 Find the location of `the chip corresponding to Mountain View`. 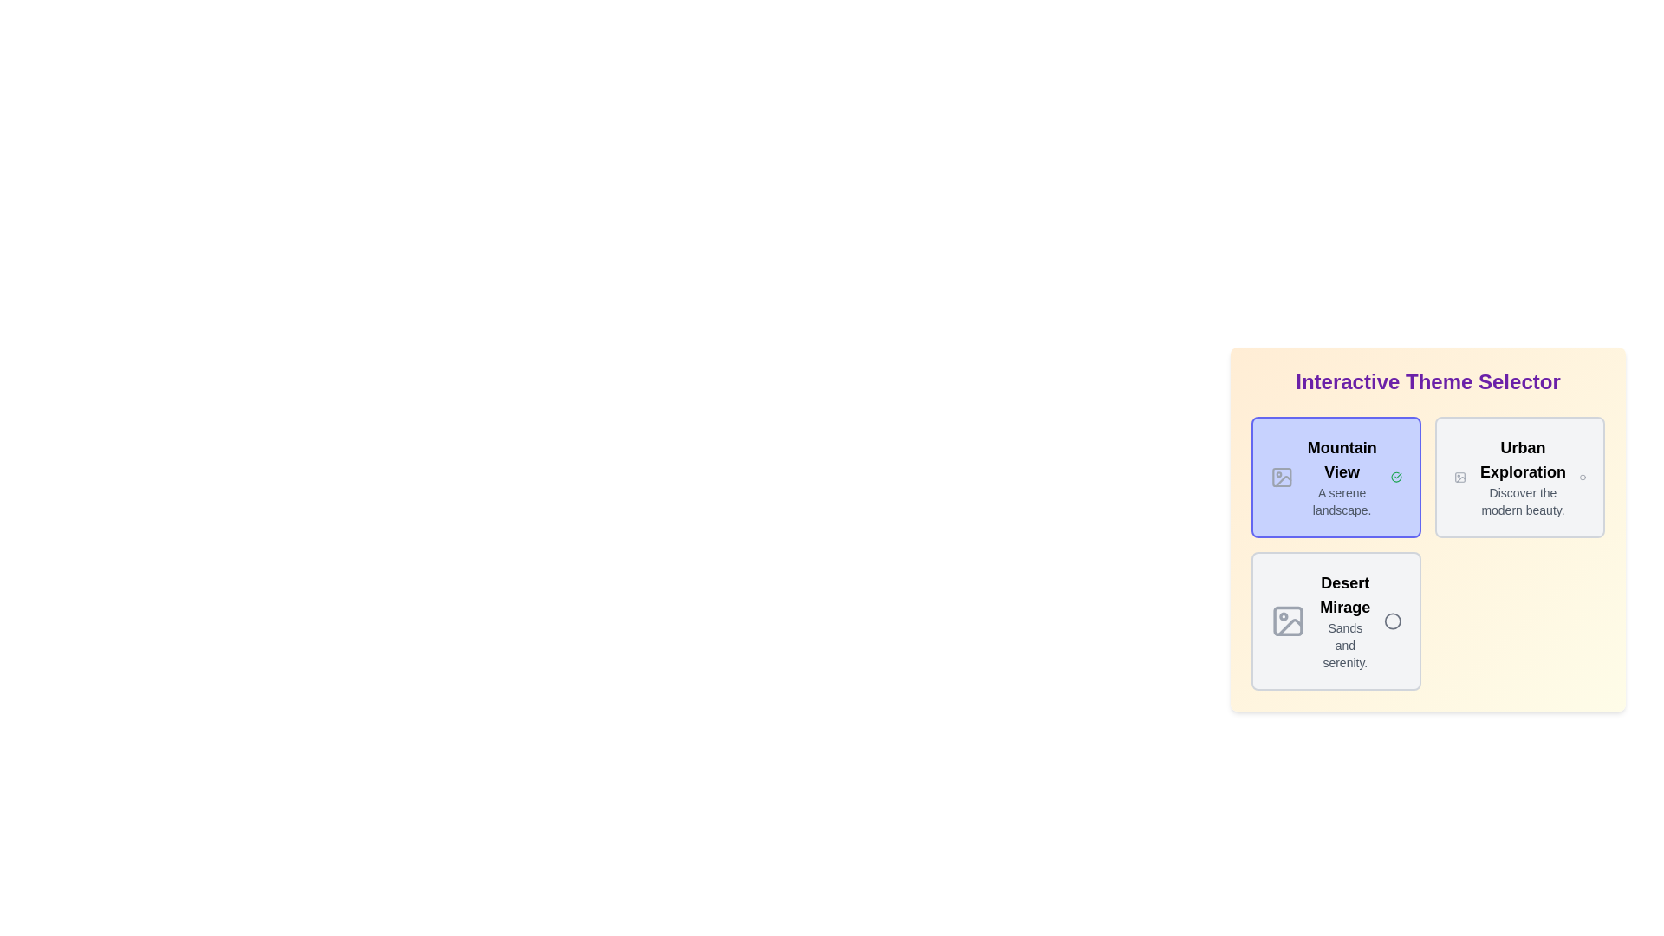

the chip corresponding to Mountain View is located at coordinates (1335, 478).